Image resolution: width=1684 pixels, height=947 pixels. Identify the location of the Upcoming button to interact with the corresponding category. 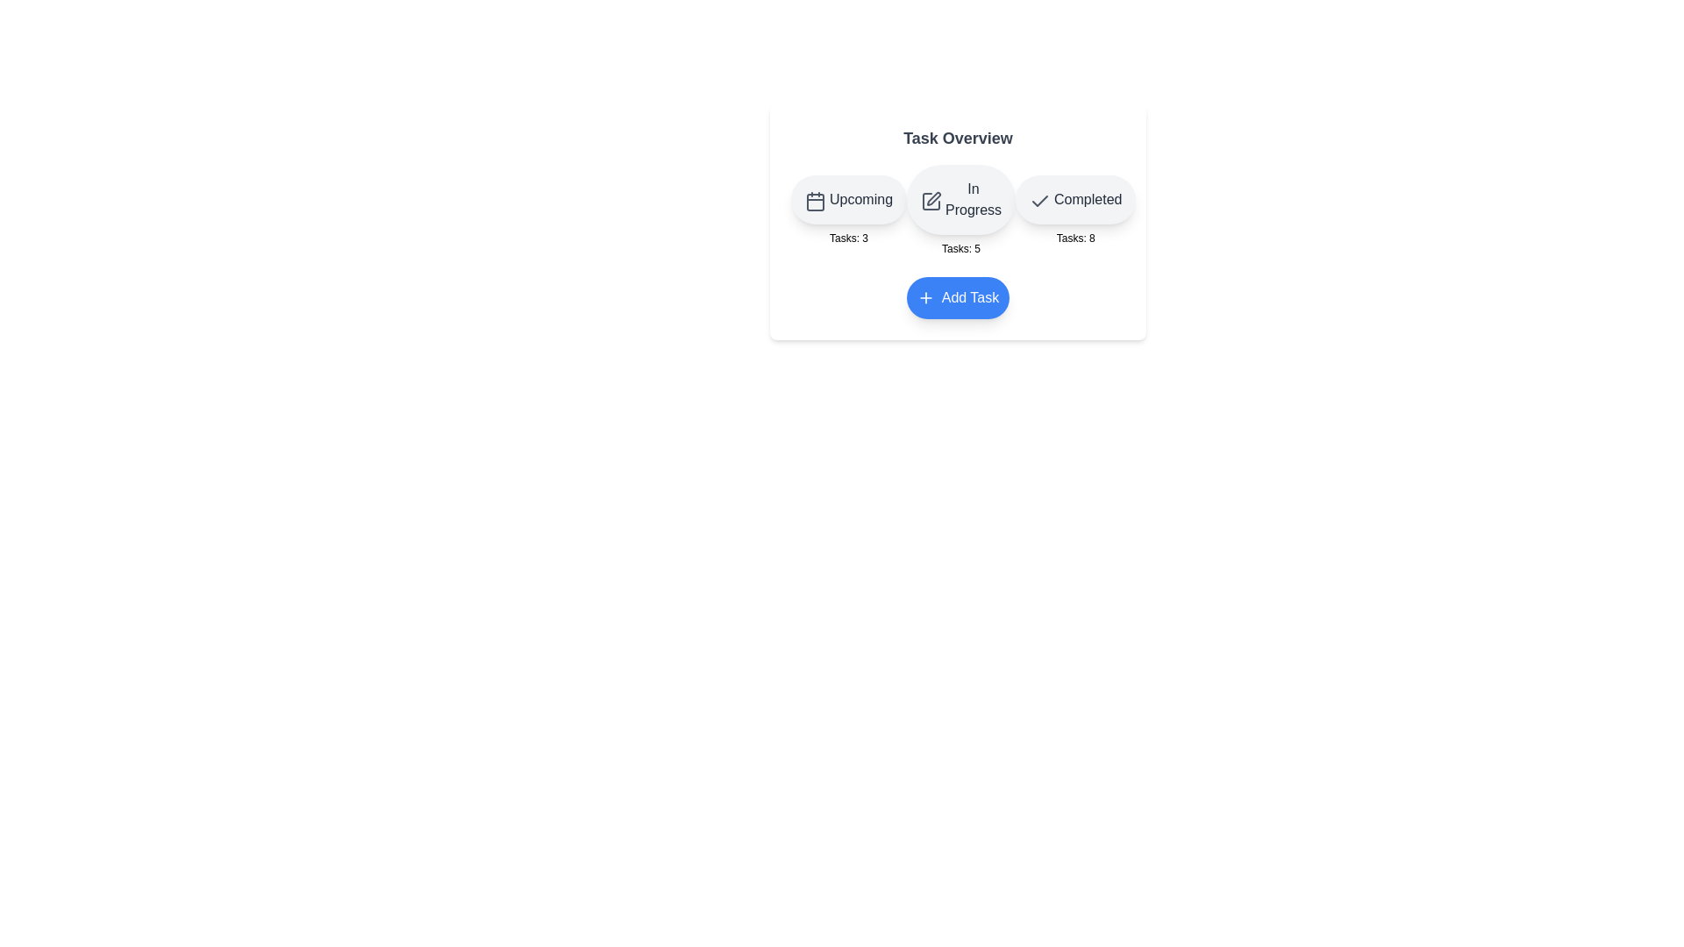
(849, 198).